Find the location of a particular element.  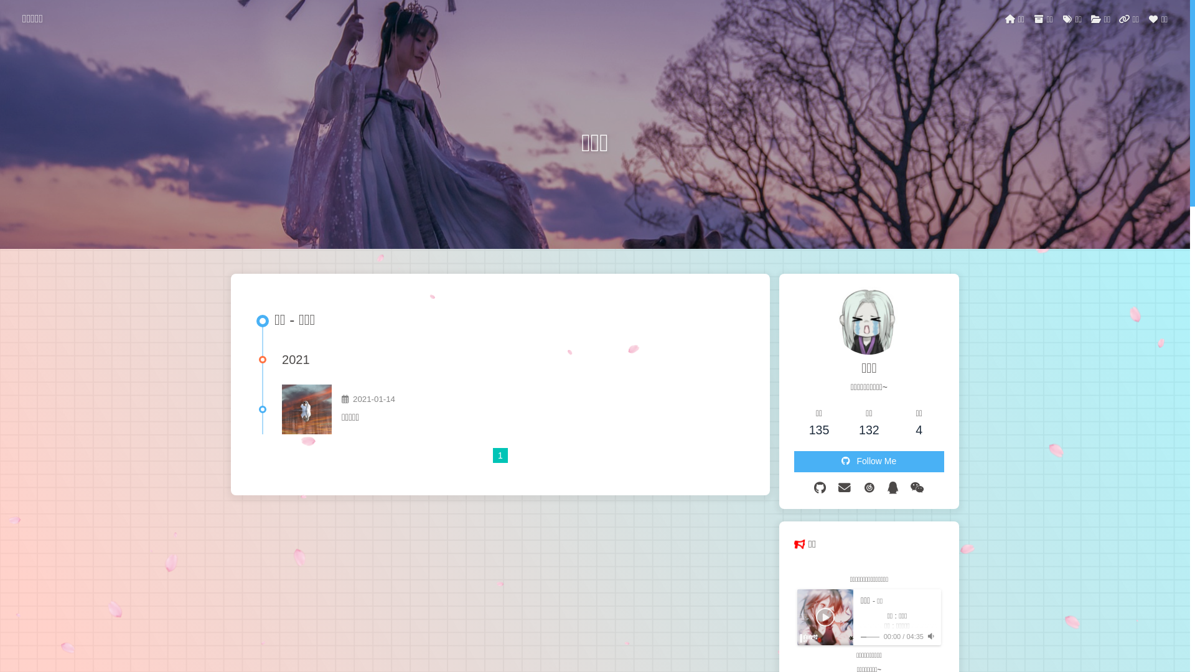

'Github' is located at coordinates (820, 487).